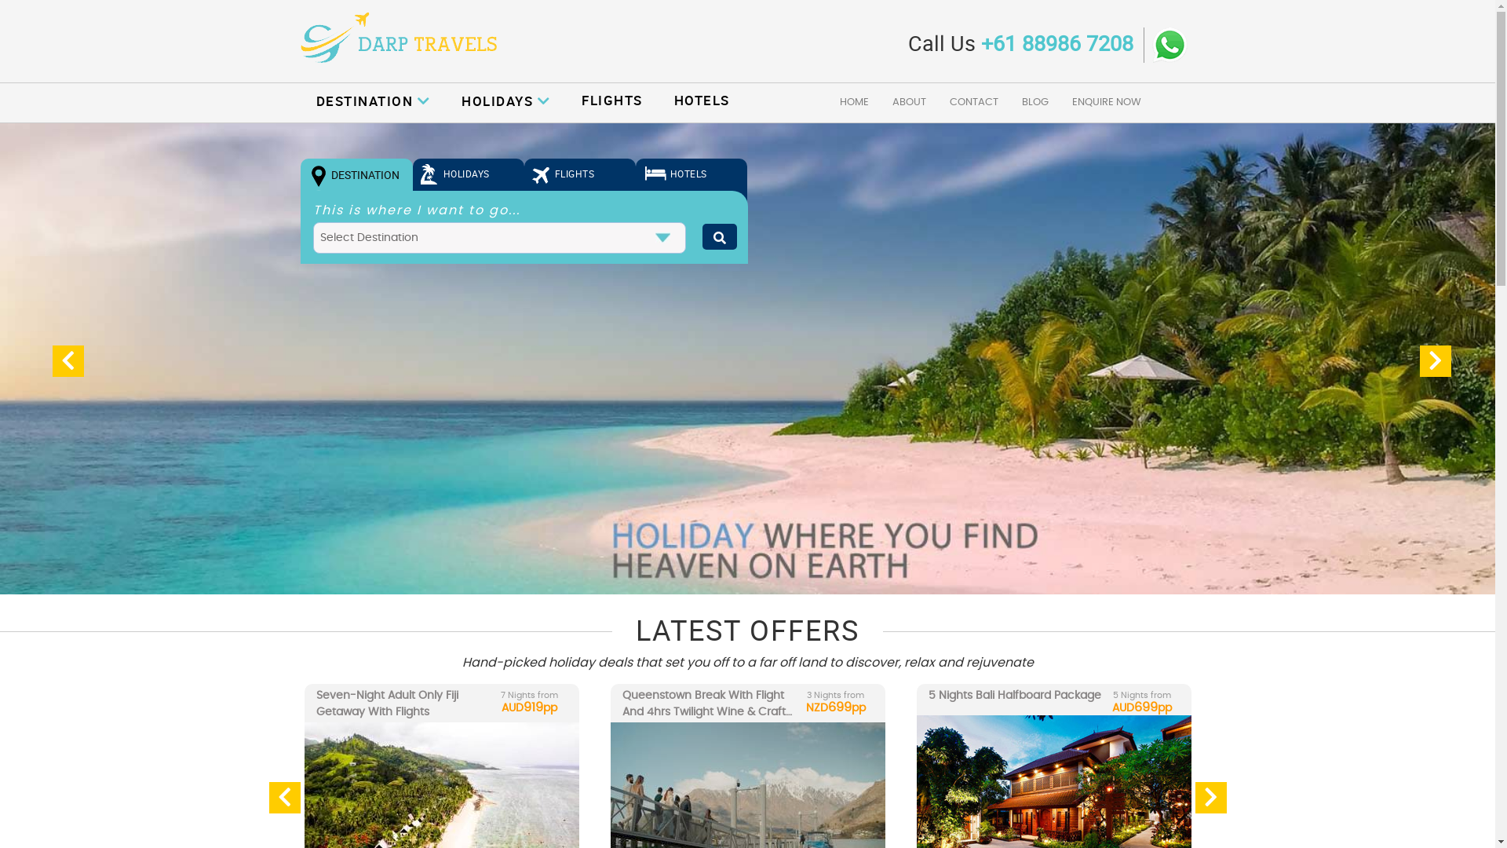  Describe the element at coordinates (372, 101) in the screenshot. I see `'DESTINATION'` at that location.